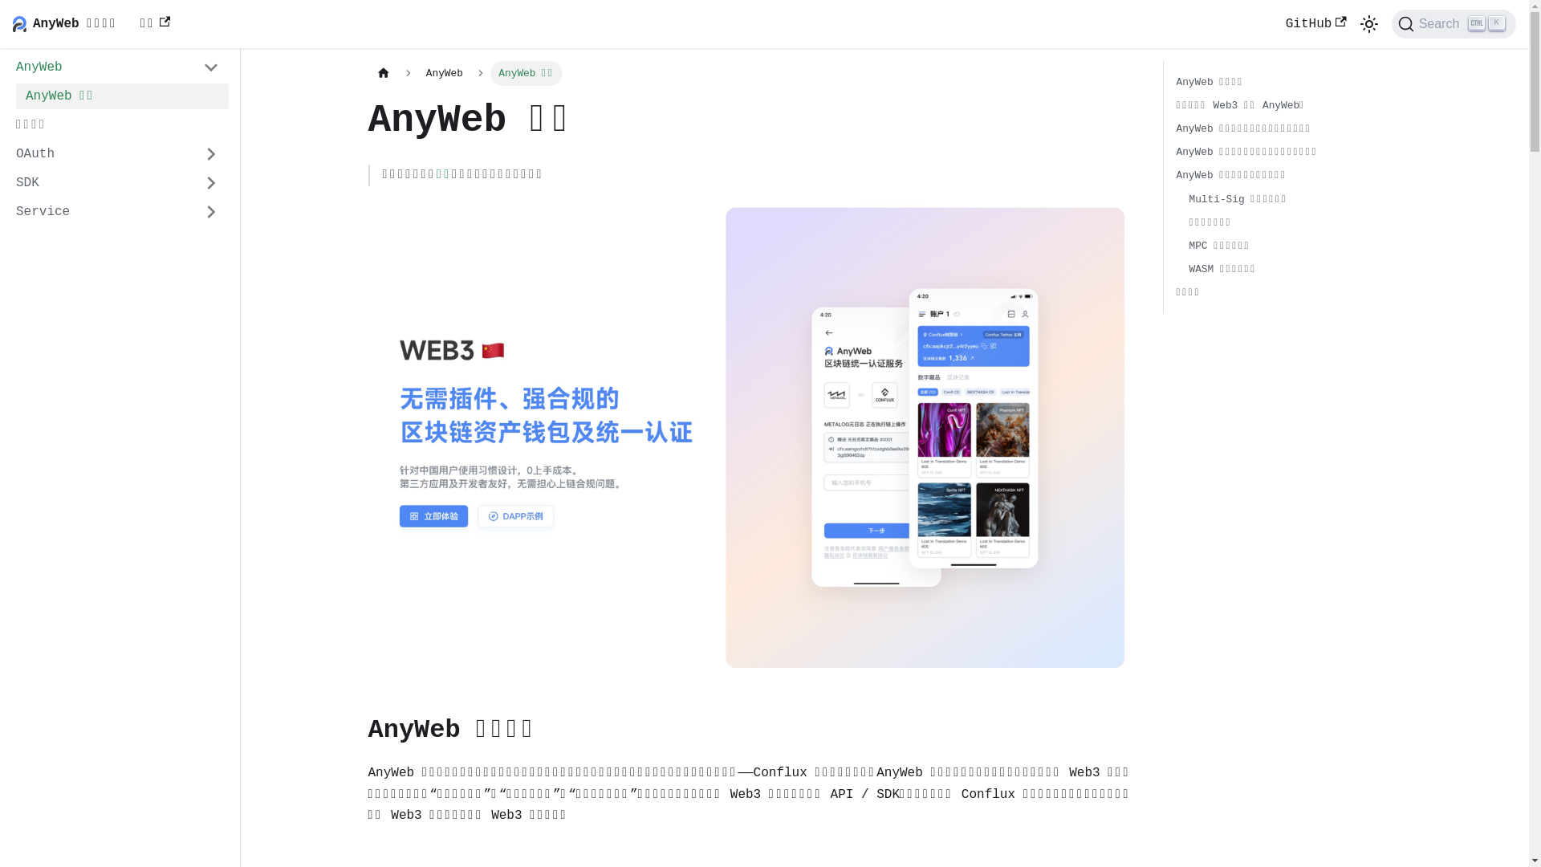 The image size is (1541, 867). What do you see at coordinates (1316, 24) in the screenshot?
I see `'GitHub'` at bounding box center [1316, 24].